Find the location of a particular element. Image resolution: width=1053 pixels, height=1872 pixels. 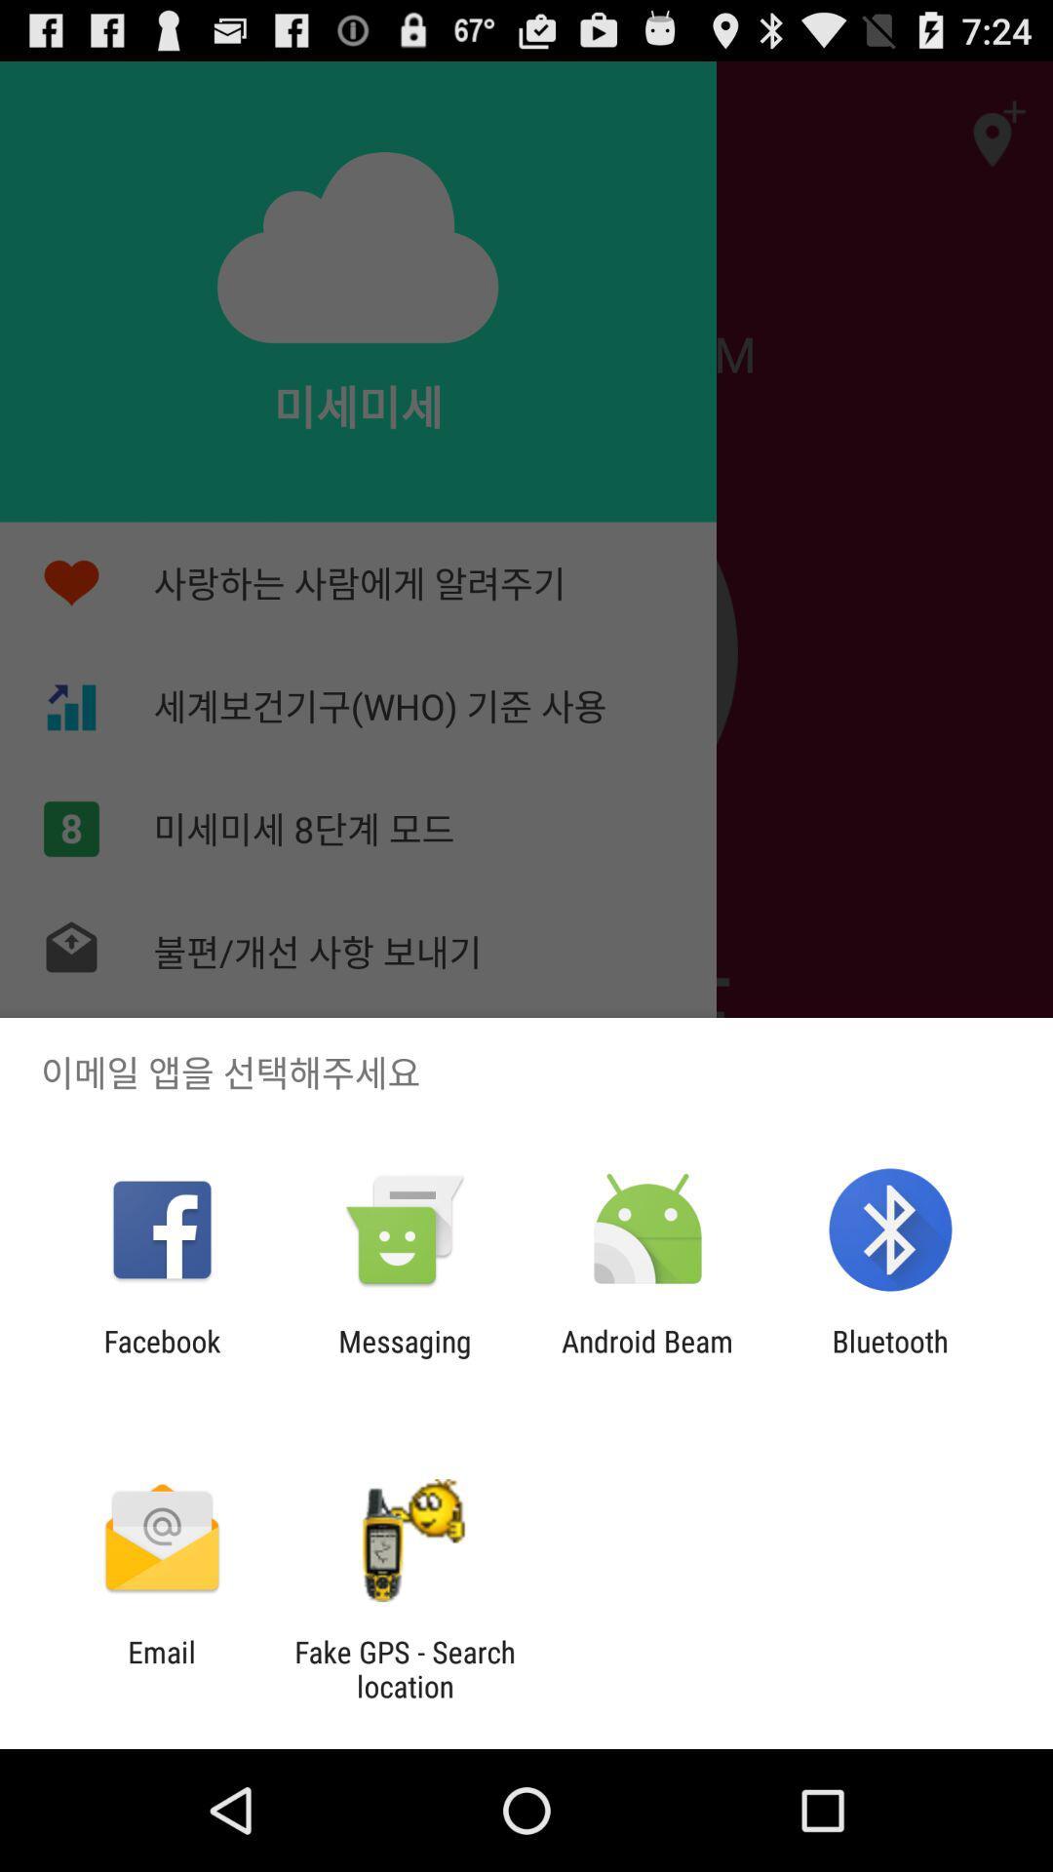

bluetooth is located at coordinates (890, 1357).